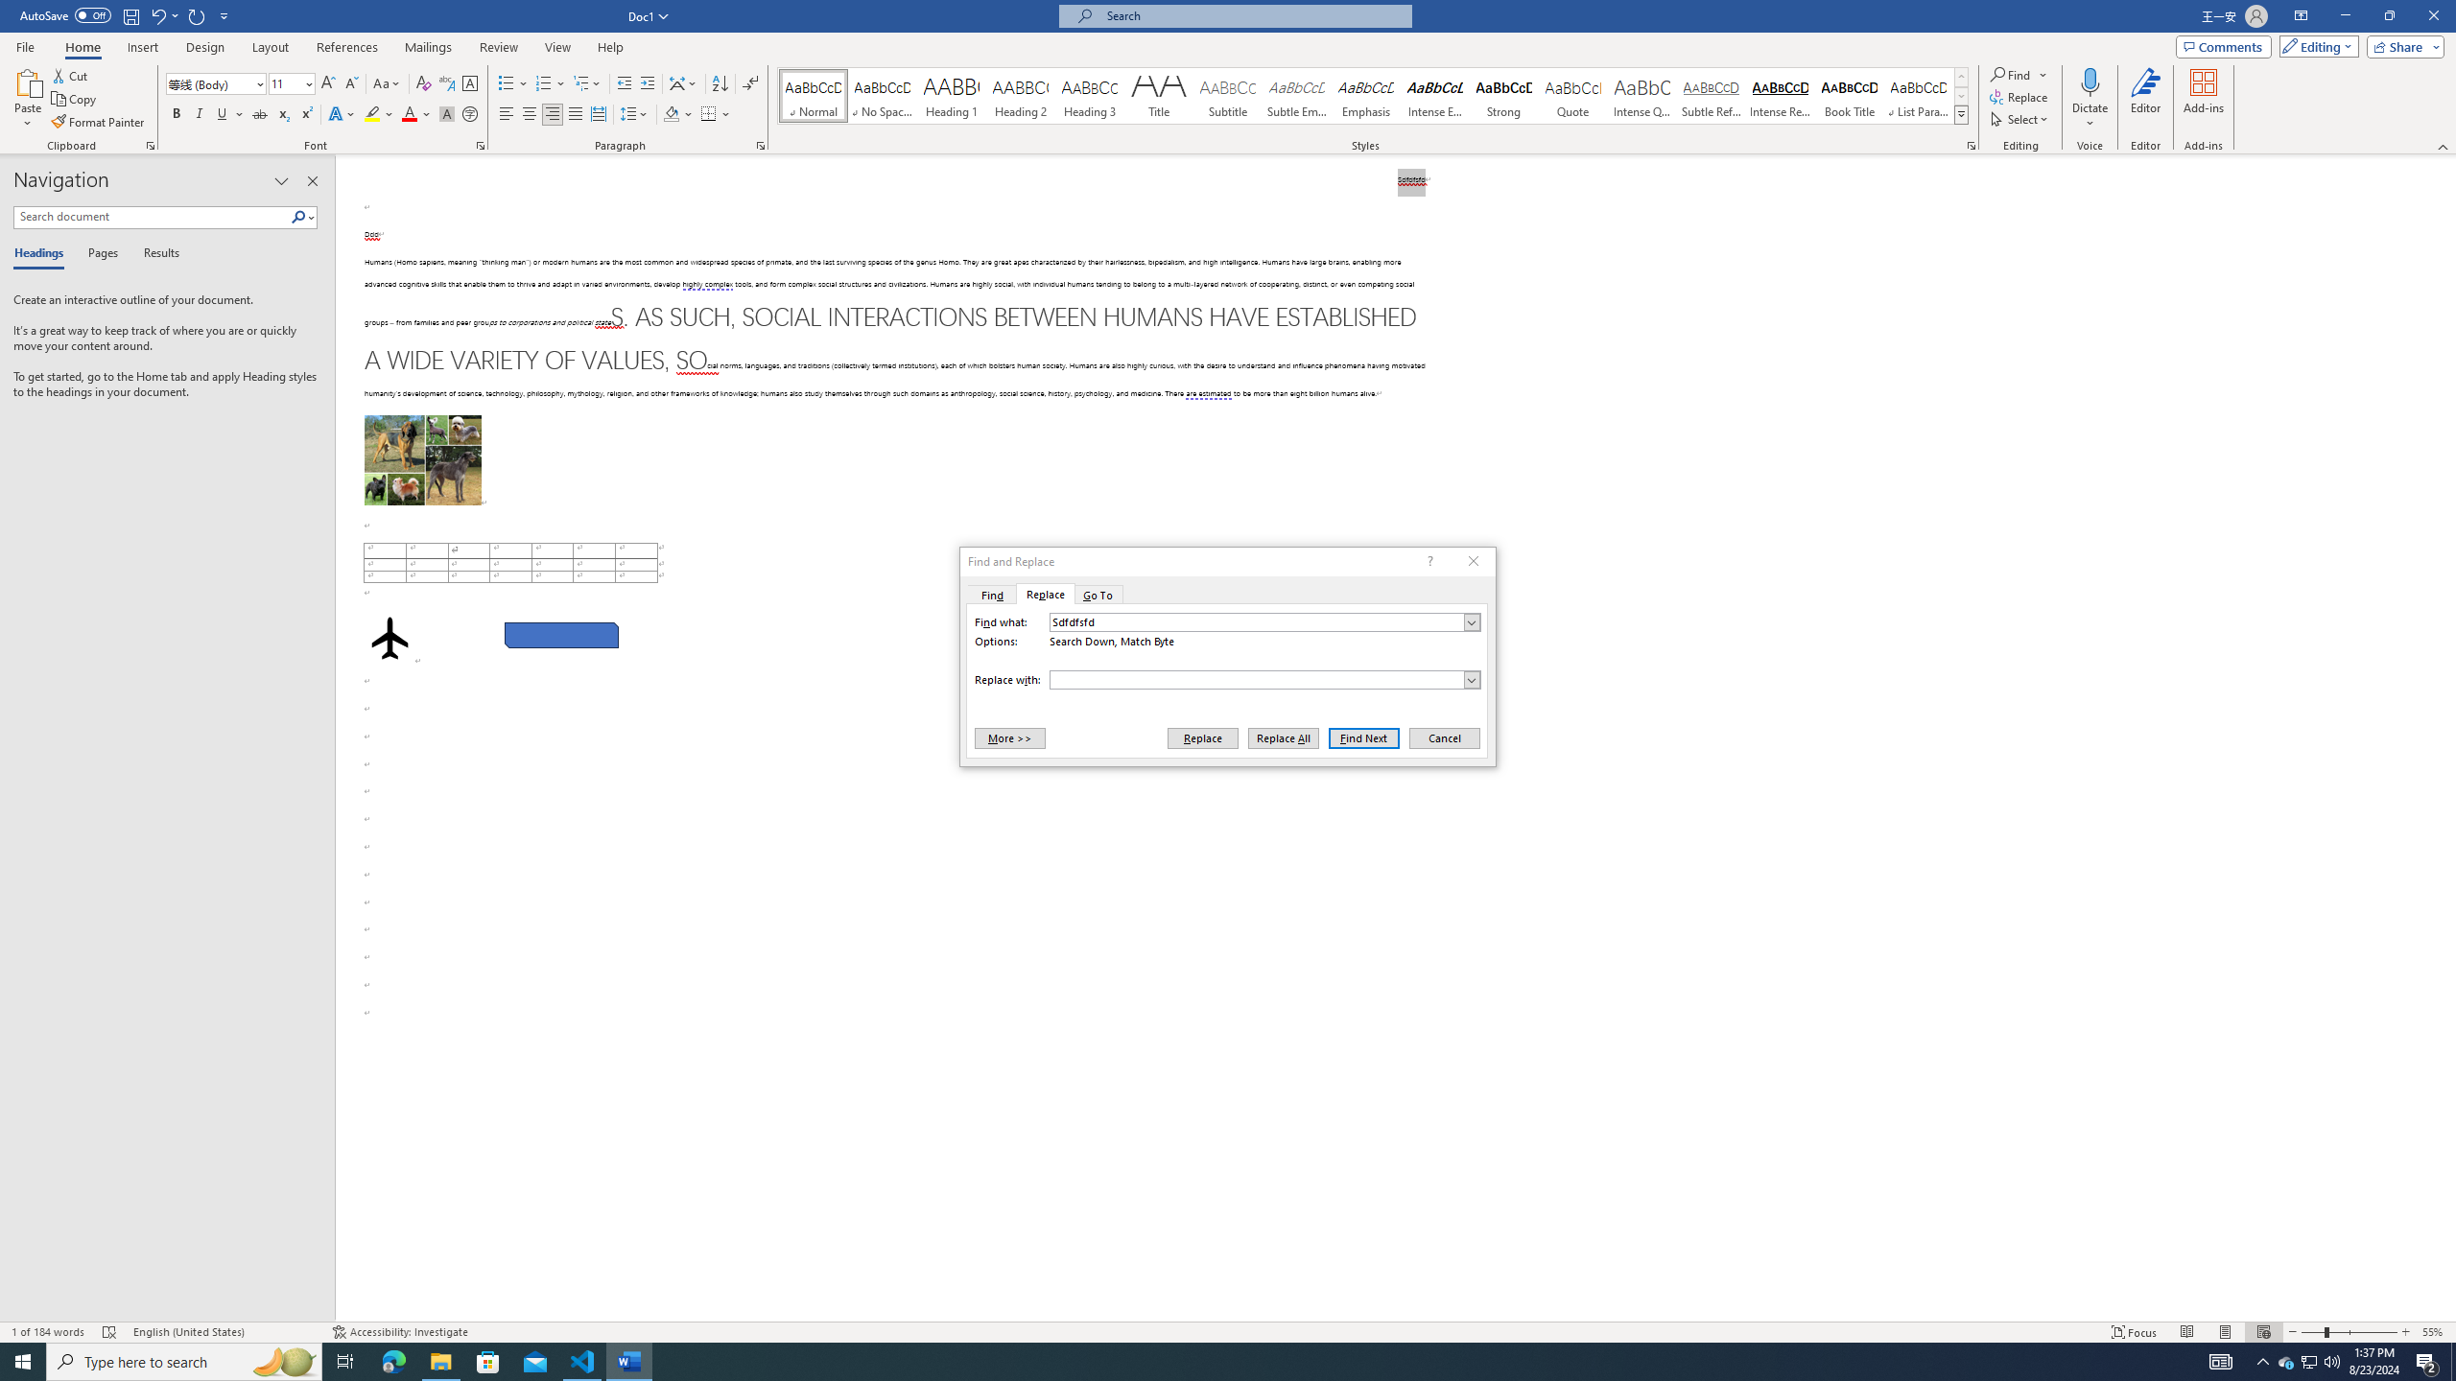 This screenshot has width=2456, height=1381. Describe the element at coordinates (206, 47) in the screenshot. I see `'Design'` at that location.